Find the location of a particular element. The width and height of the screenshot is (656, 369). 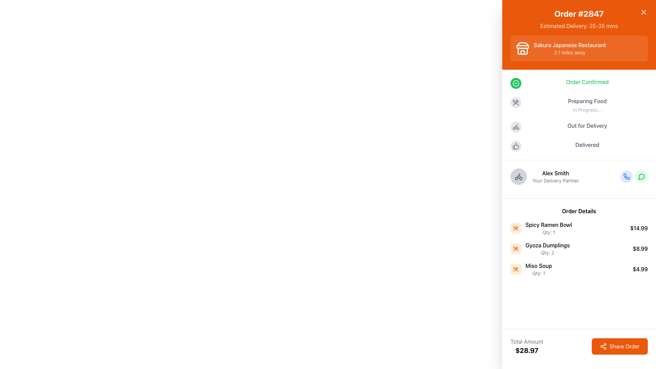

the text label displaying 'Delivered' in gray color, located in the right-side panel beneath a thumbs-up icon is located at coordinates (587, 145).